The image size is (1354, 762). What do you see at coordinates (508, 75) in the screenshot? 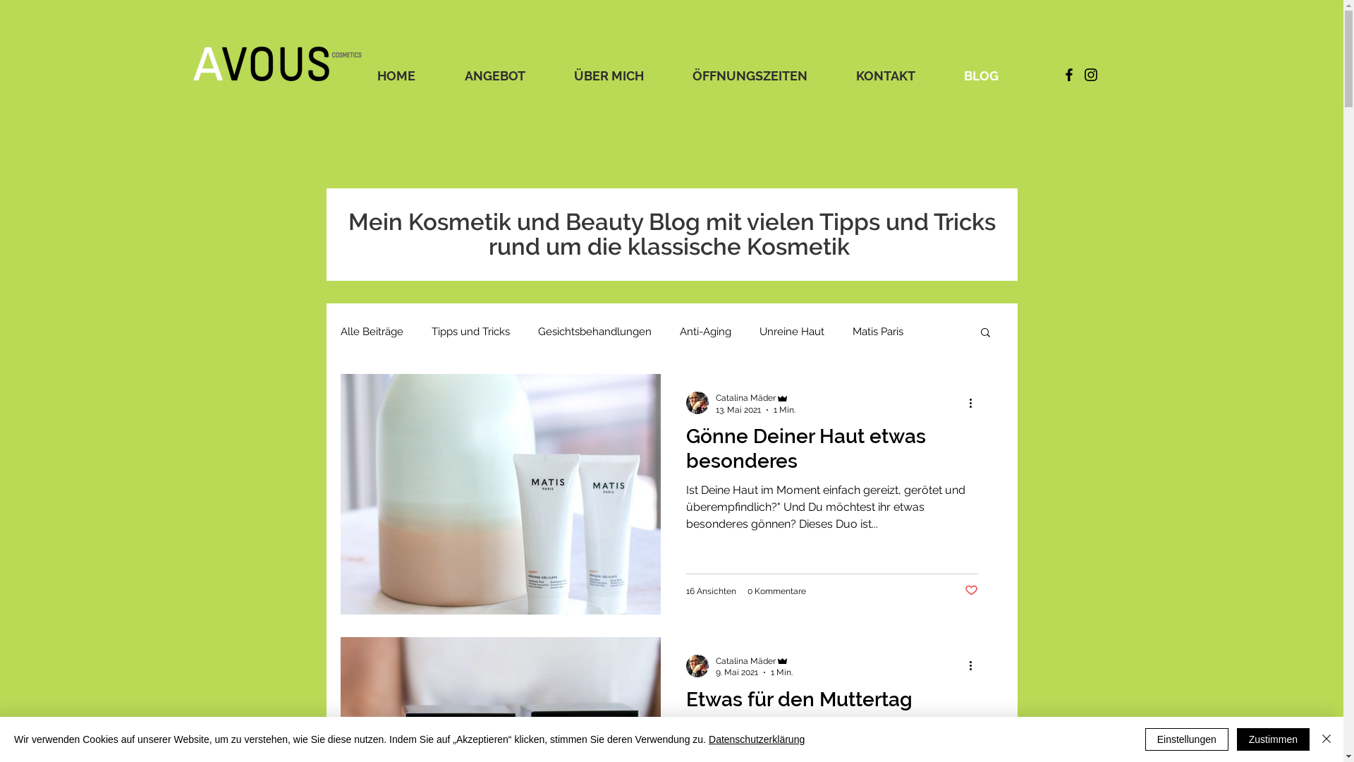
I see `'ANGEBOT'` at bounding box center [508, 75].